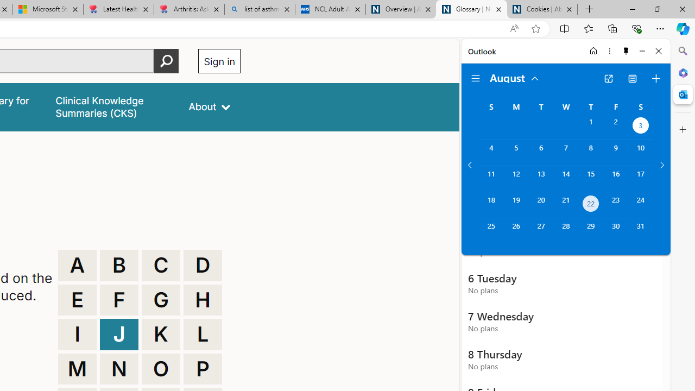  What do you see at coordinates (160, 333) in the screenshot?
I see `'K'` at bounding box center [160, 333].